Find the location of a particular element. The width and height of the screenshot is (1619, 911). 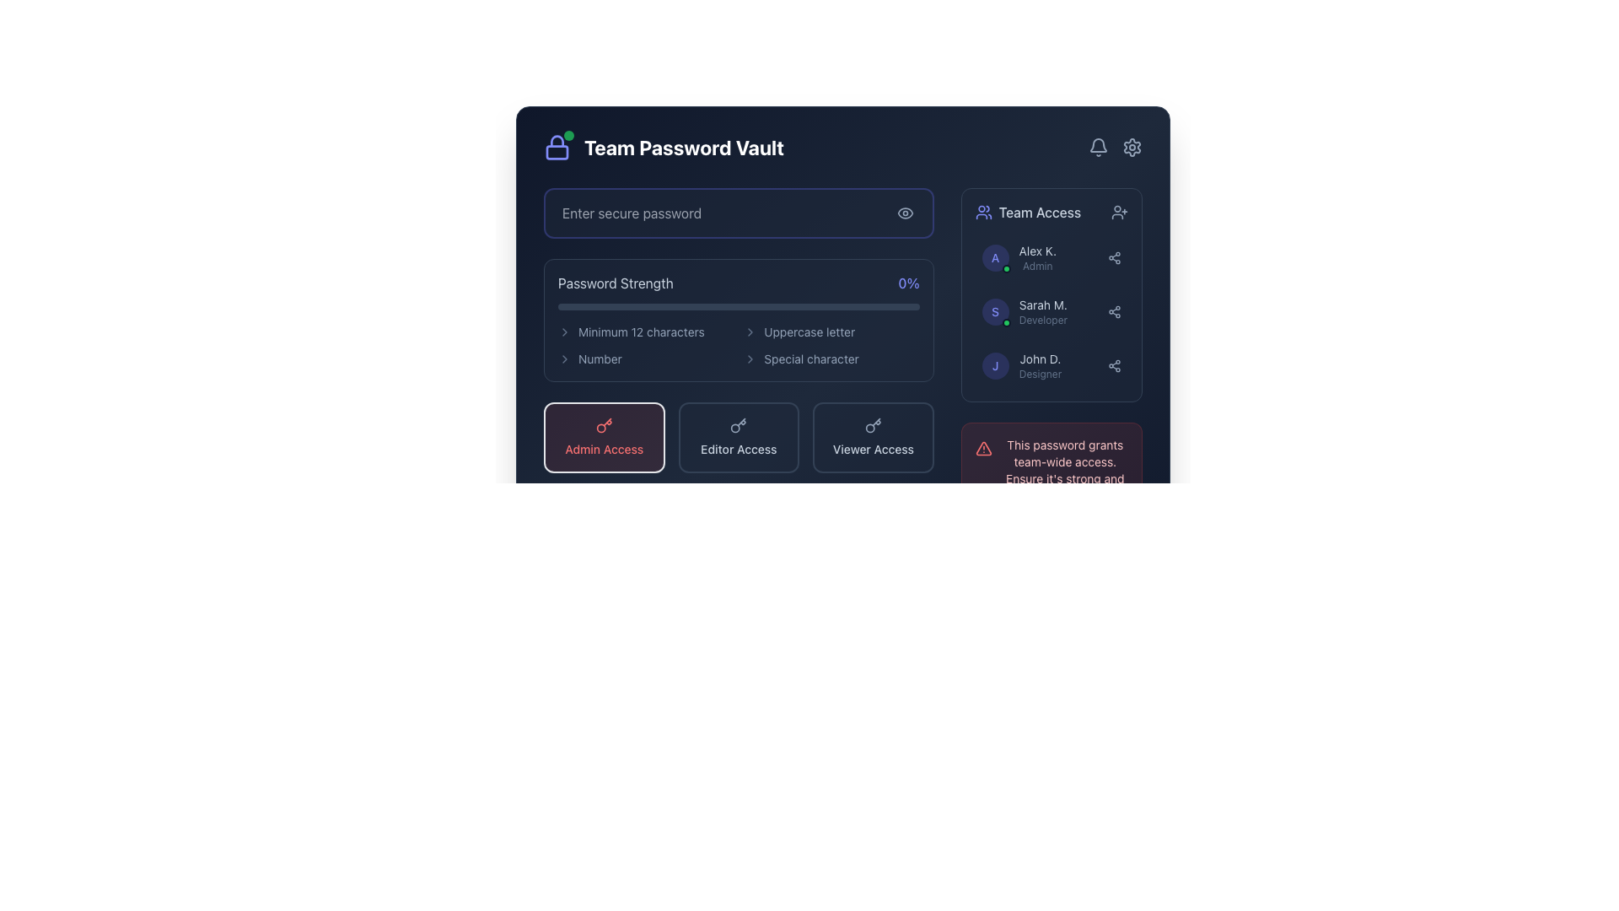

the 'Viewer Access' button, which is the rightmost button in a group of three labeled buttons for access permissions is located at coordinates (873, 437).